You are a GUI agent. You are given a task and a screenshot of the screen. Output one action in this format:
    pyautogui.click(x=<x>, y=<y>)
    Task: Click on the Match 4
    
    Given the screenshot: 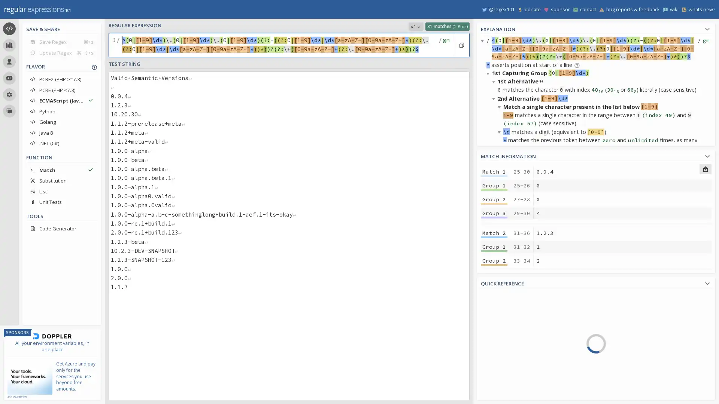 What is the action you would take?
    pyautogui.click(x=494, y=355)
    